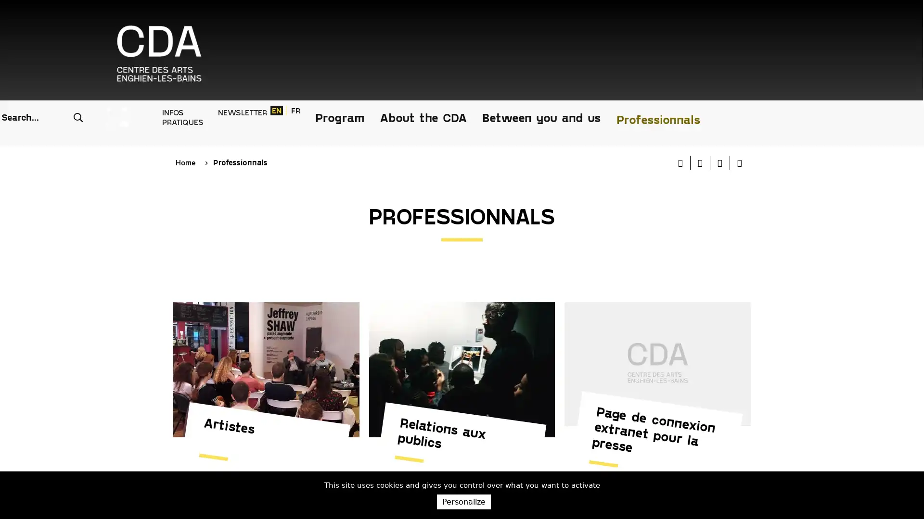 The width and height of the screenshot is (924, 519). Describe the element at coordinates (739, 95) in the screenshot. I see `Share this page` at that location.